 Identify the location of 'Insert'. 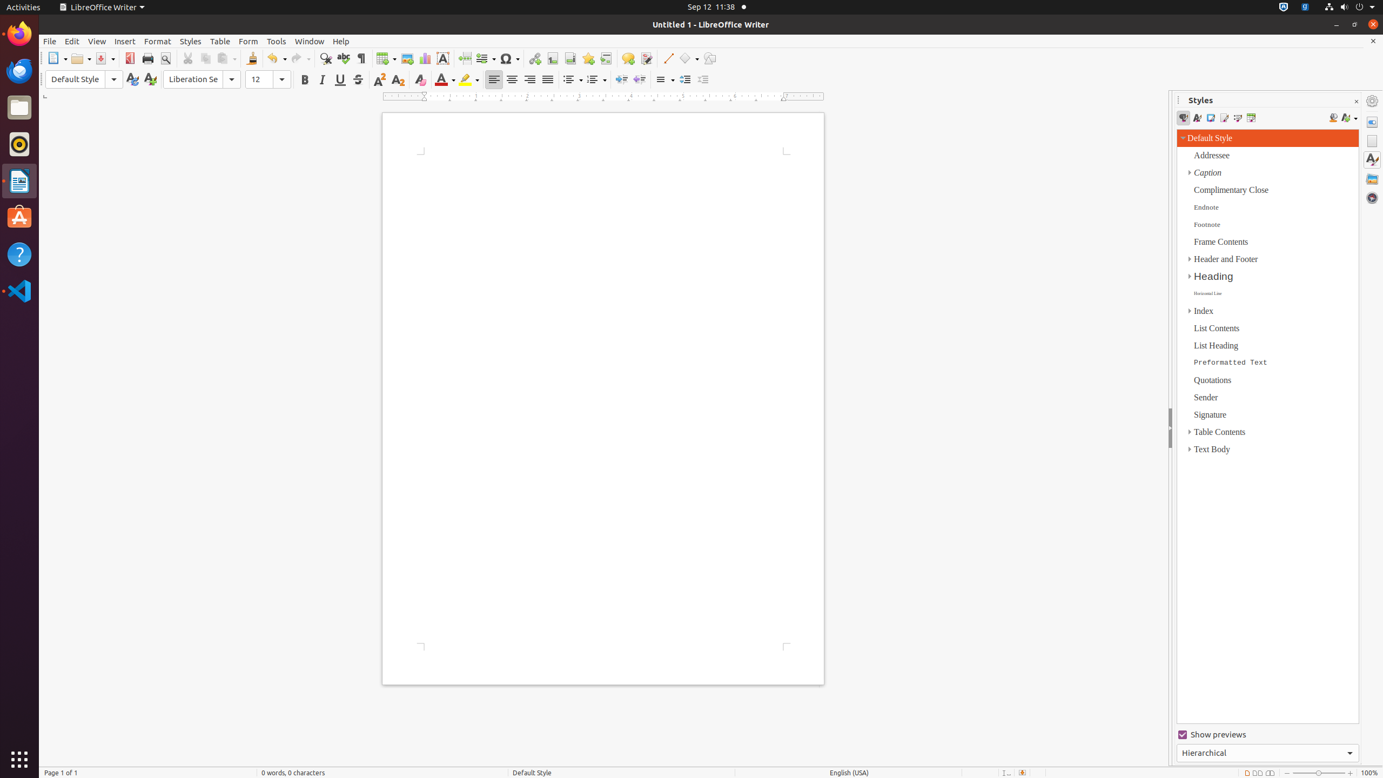
(125, 41).